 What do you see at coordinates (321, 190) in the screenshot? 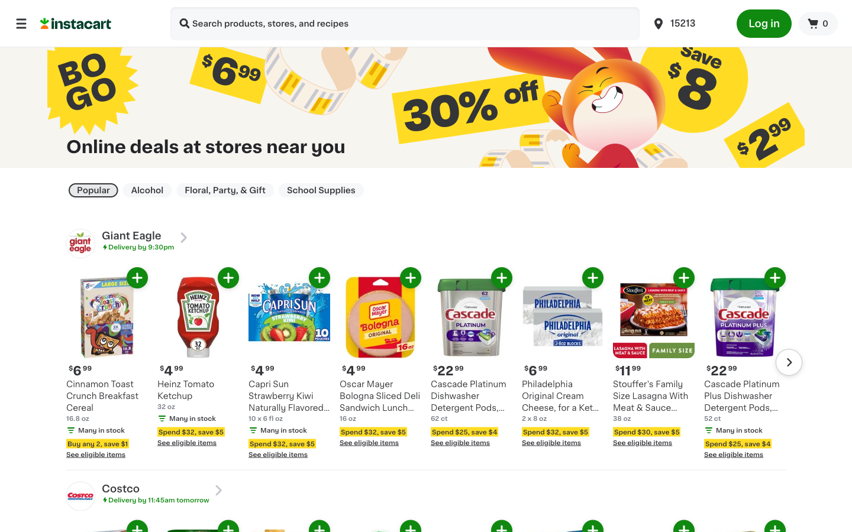
I see `Display all products listed in the School Supplies category` at bounding box center [321, 190].